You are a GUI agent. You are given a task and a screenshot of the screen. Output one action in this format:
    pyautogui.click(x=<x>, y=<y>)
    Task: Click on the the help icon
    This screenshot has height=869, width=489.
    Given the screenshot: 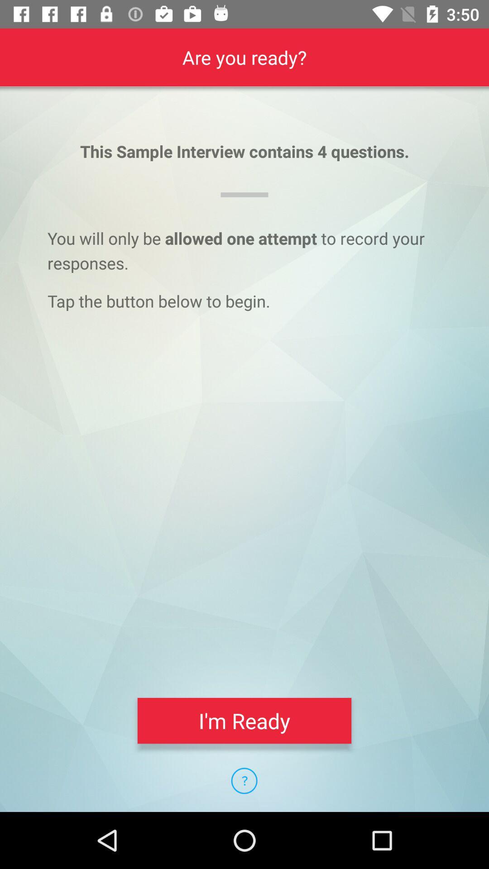 What is the action you would take?
    pyautogui.click(x=244, y=780)
    